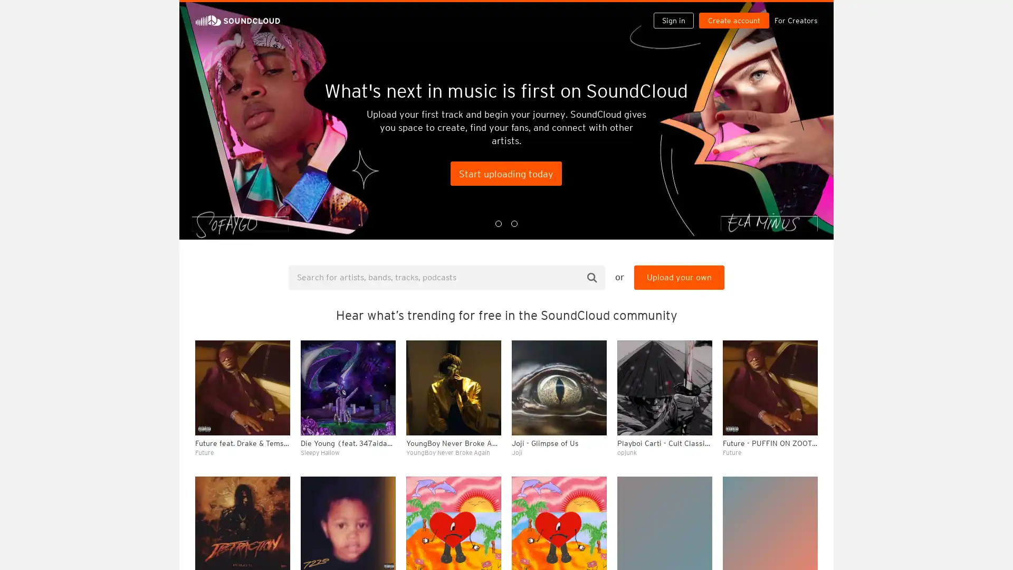 The width and height of the screenshot is (1013, 570). Describe the element at coordinates (592, 277) in the screenshot. I see `Search` at that location.